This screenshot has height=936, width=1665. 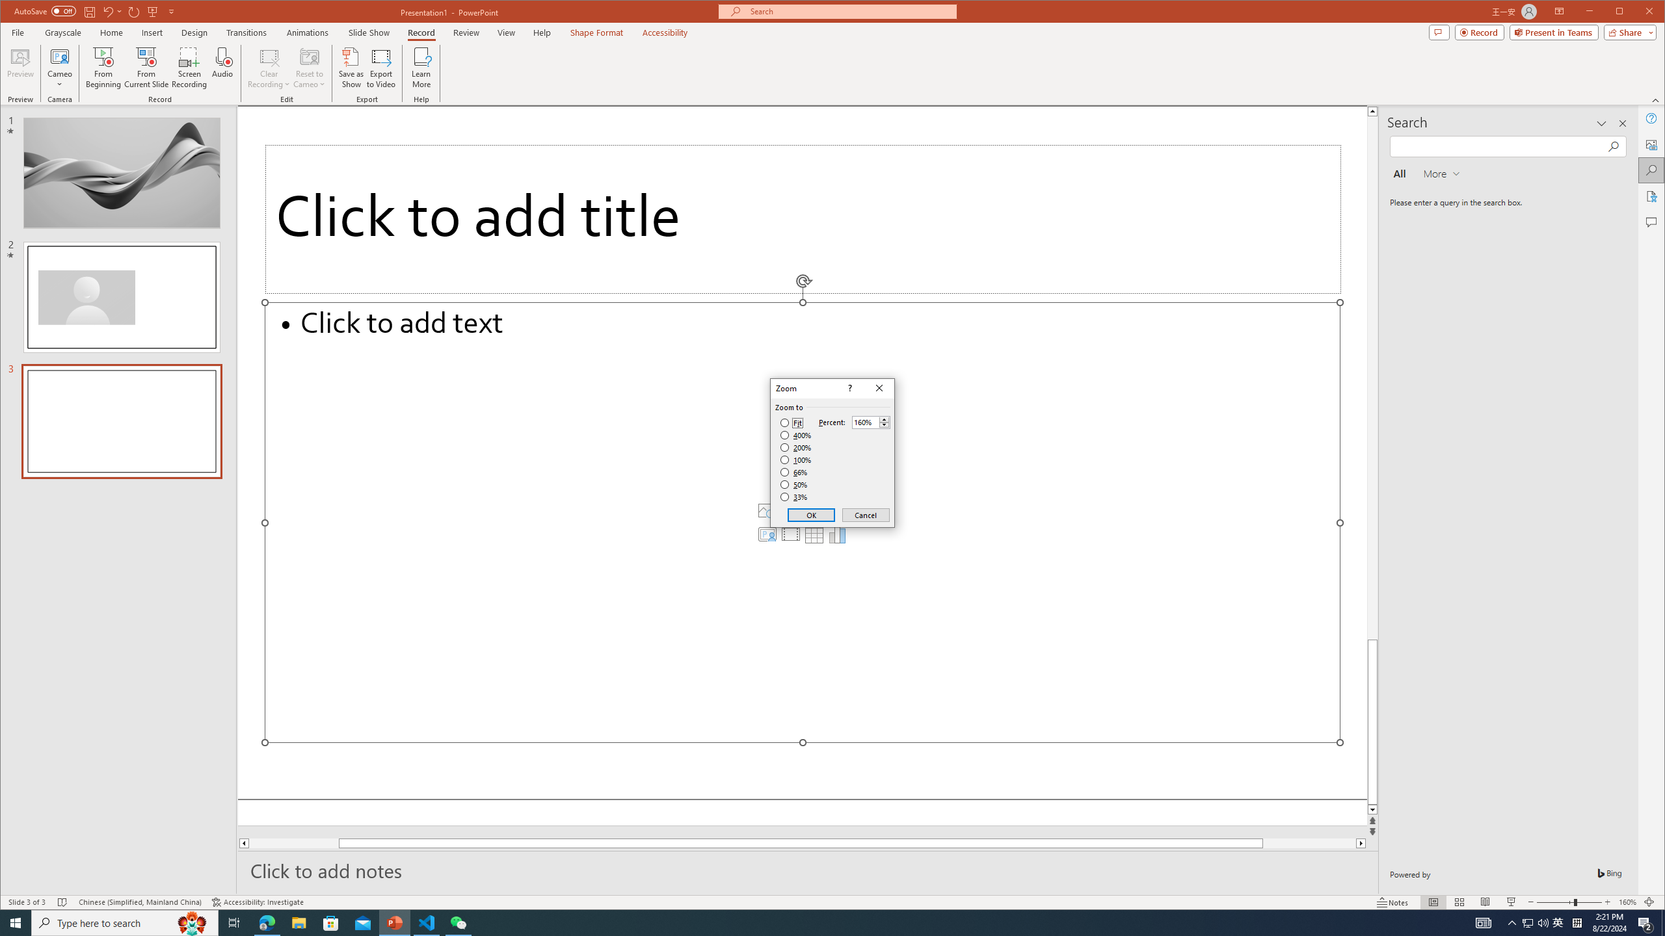 What do you see at coordinates (1638, 12) in the screenshot?
I see `'Maximize'` at bounding box center [1638, 12].